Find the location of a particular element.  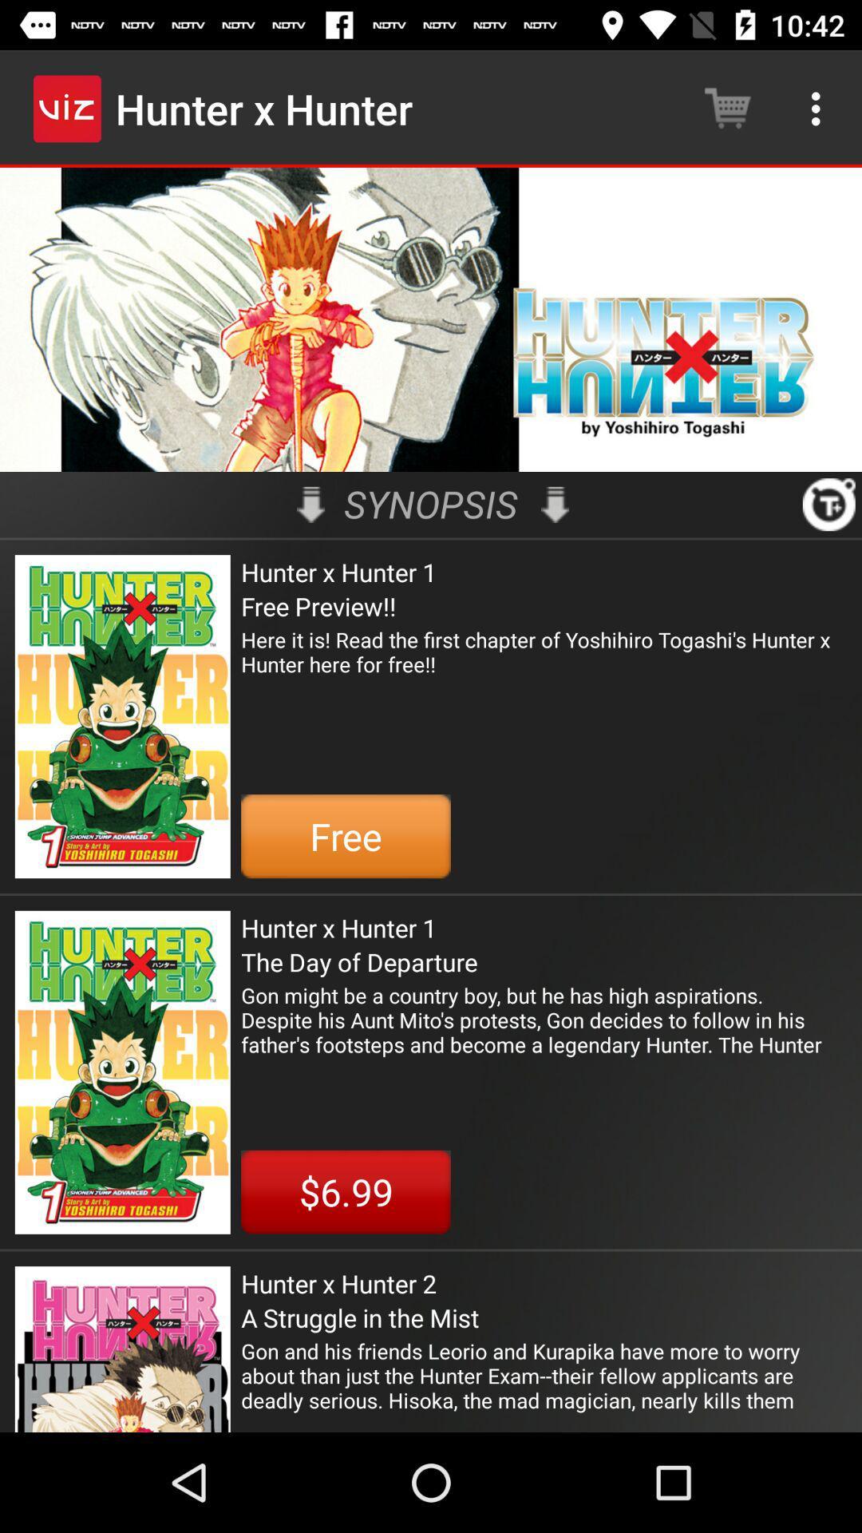

the icon next to the synopsis item is located at coordinates (310, 504).